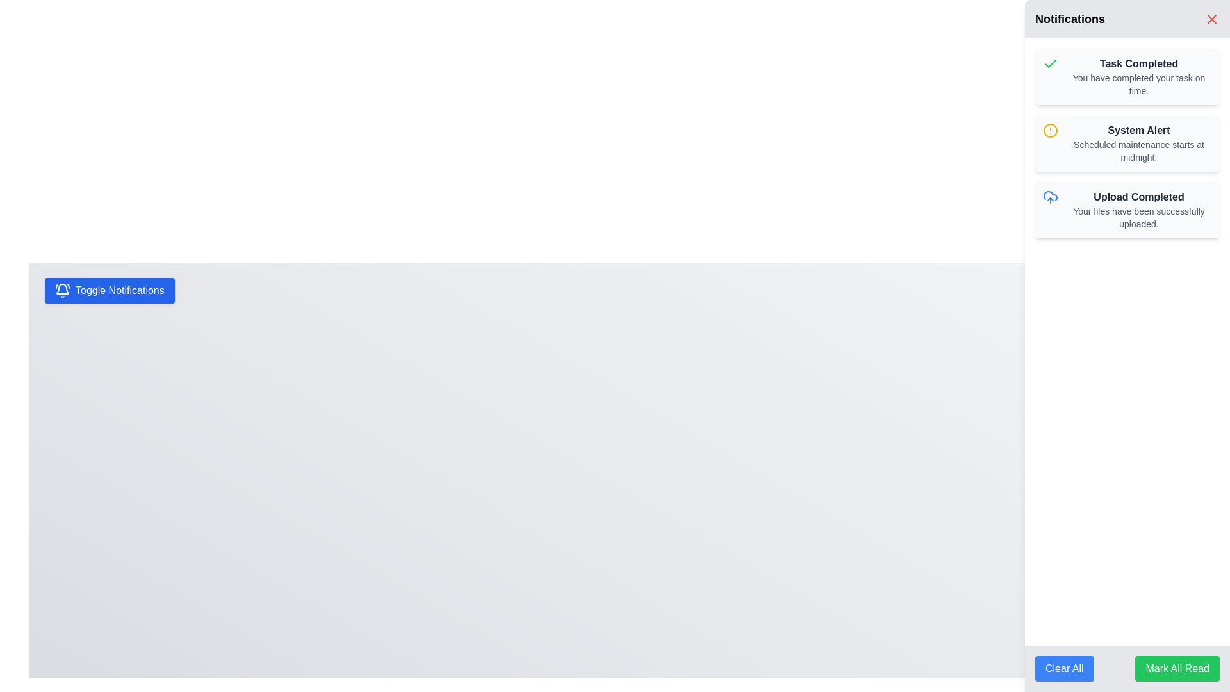  I want to click on the second notification card in the 'Notifications' section which conveys an alert message about upcoming scheduled maintenance, so click(1127, 143).